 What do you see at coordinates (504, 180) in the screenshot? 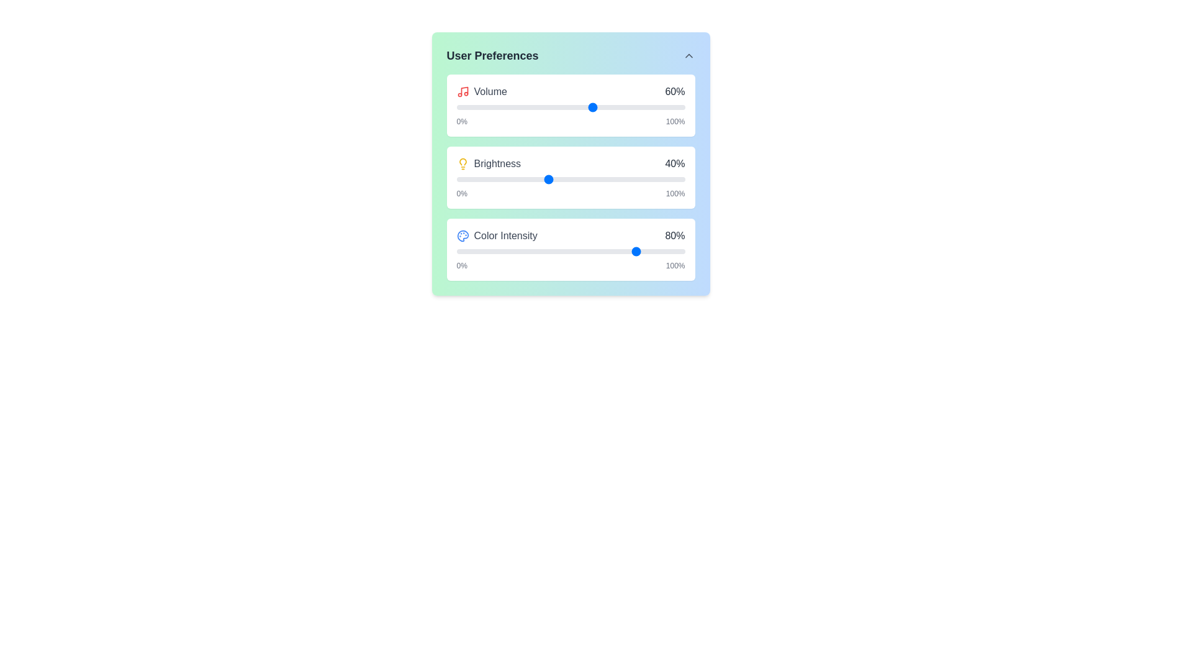
I see `brightness` at bounding box center [504, 180].